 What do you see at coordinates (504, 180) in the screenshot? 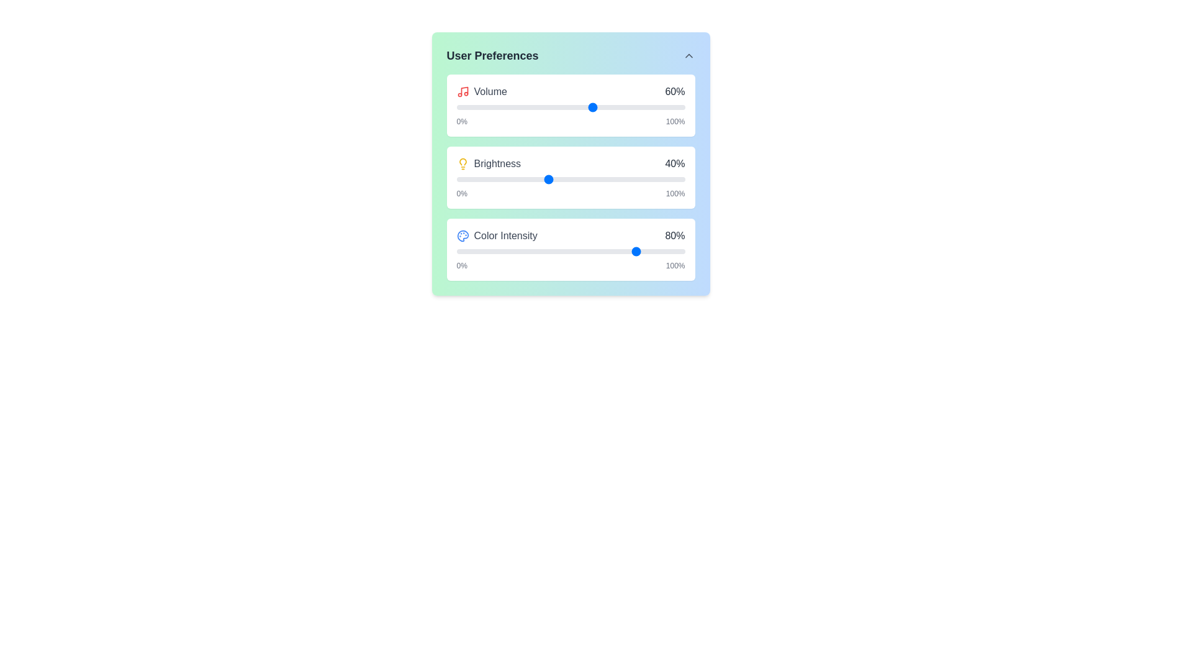
I see `brightness` at bounding box center [504, 180].